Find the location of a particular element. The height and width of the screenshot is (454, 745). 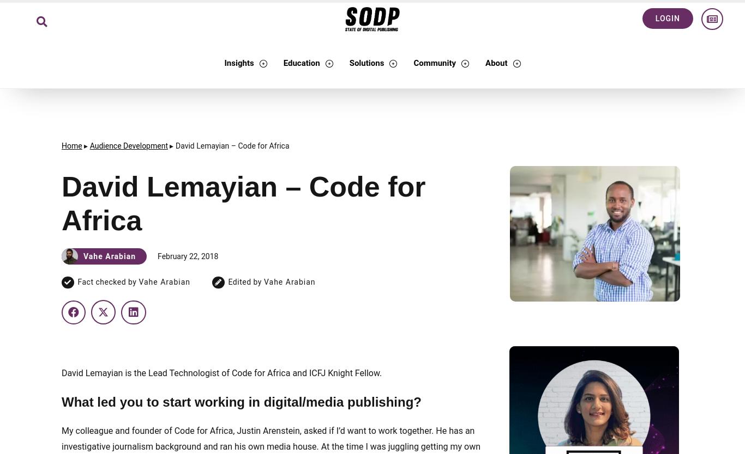

'Education' is located at coordinates (283, 63).